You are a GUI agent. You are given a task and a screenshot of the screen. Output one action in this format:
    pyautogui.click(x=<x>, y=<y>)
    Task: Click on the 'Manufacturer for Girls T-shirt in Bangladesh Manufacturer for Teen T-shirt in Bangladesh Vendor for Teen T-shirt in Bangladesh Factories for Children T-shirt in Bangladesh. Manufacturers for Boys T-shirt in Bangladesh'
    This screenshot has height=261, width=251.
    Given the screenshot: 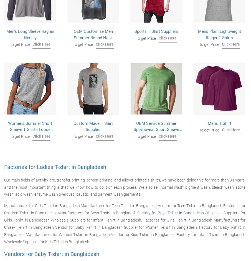 What is the action you would take?
    pyautogui.click(x=124, y=209)
    